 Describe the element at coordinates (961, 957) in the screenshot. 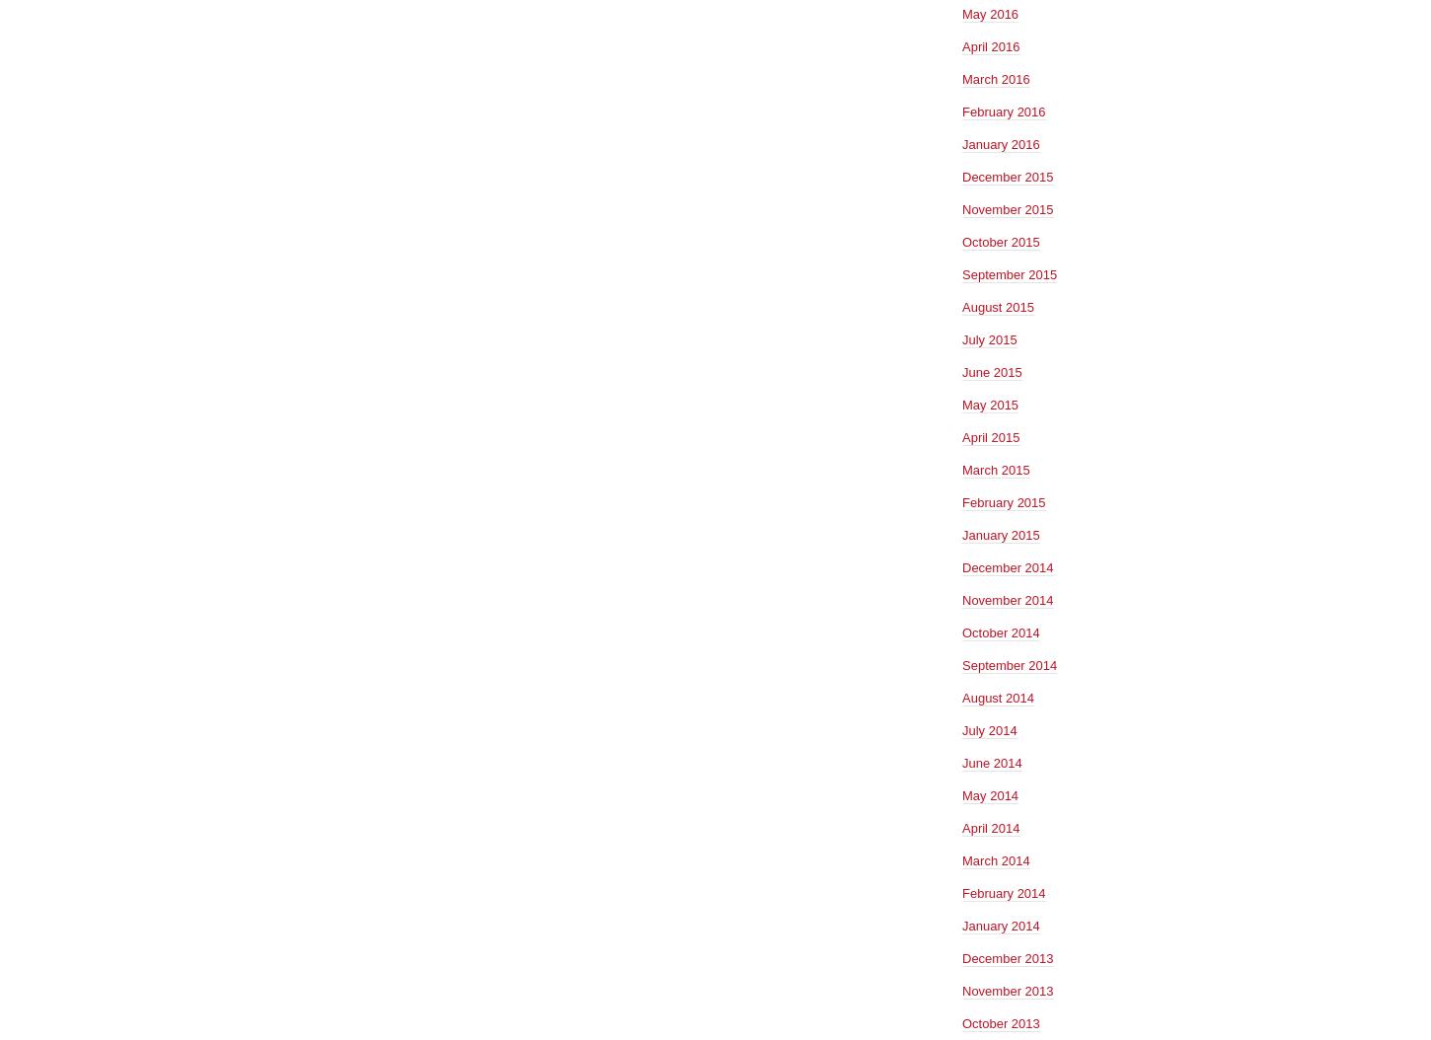

I see `'December 2013'` at that location.